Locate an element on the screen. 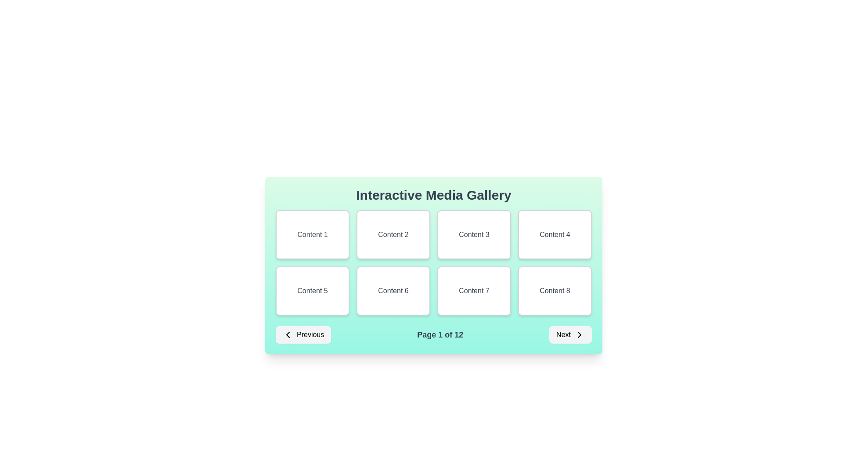 The height and width of the screenshot is (474, 843). the static display box containing the text 'Content 1' located in the top-left corner of a grid layout is located at coordinates (312, 234).